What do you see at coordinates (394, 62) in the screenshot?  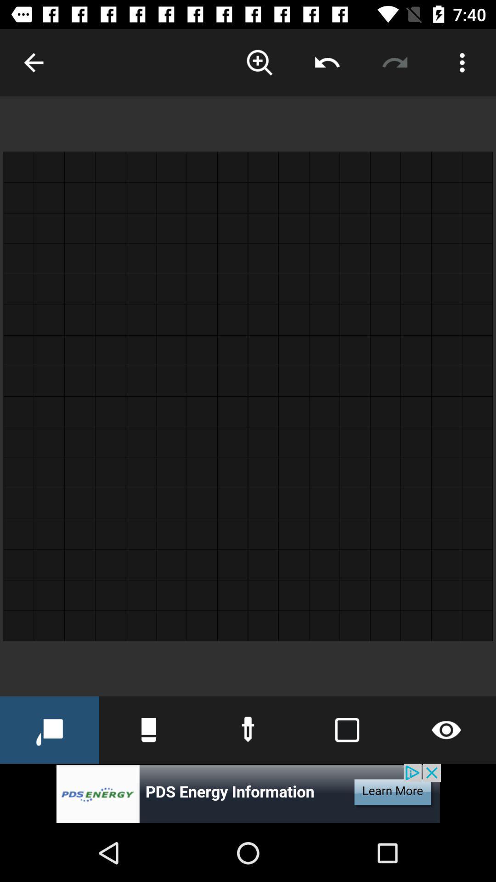 I see `redo change` at bounding box center [394, 62].